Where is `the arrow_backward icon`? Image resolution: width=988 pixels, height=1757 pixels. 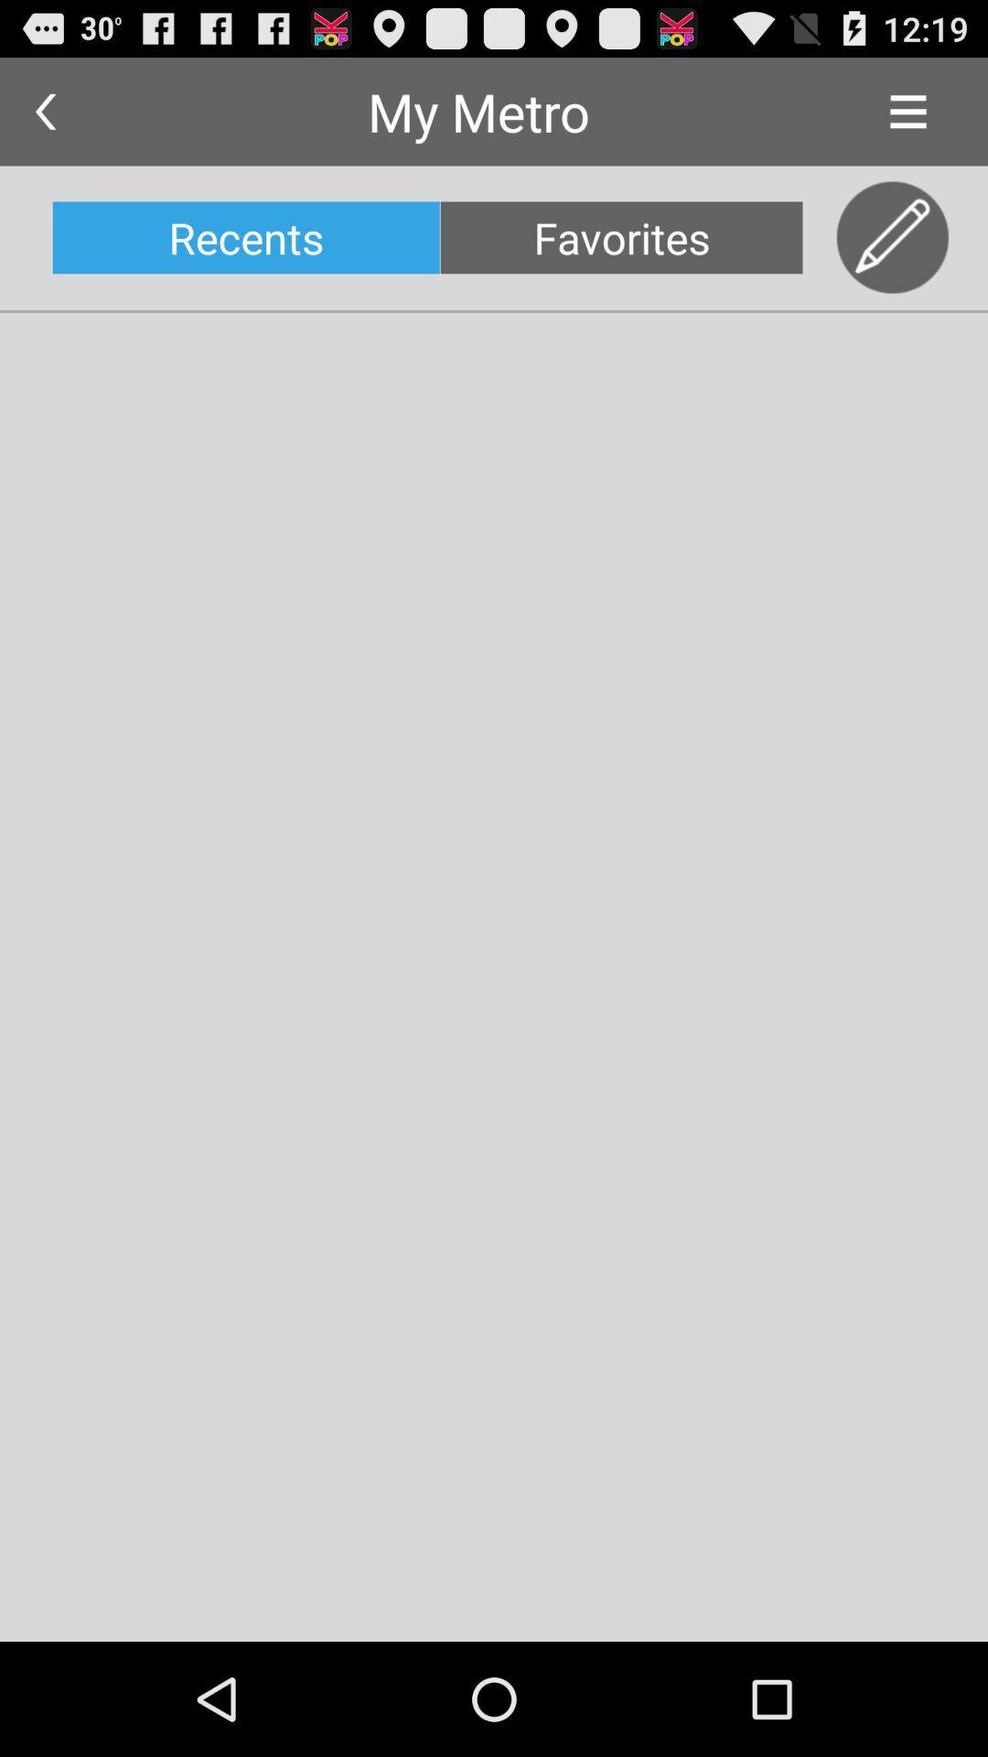
the arrow_backward icon is located at coordinates (44, 118).